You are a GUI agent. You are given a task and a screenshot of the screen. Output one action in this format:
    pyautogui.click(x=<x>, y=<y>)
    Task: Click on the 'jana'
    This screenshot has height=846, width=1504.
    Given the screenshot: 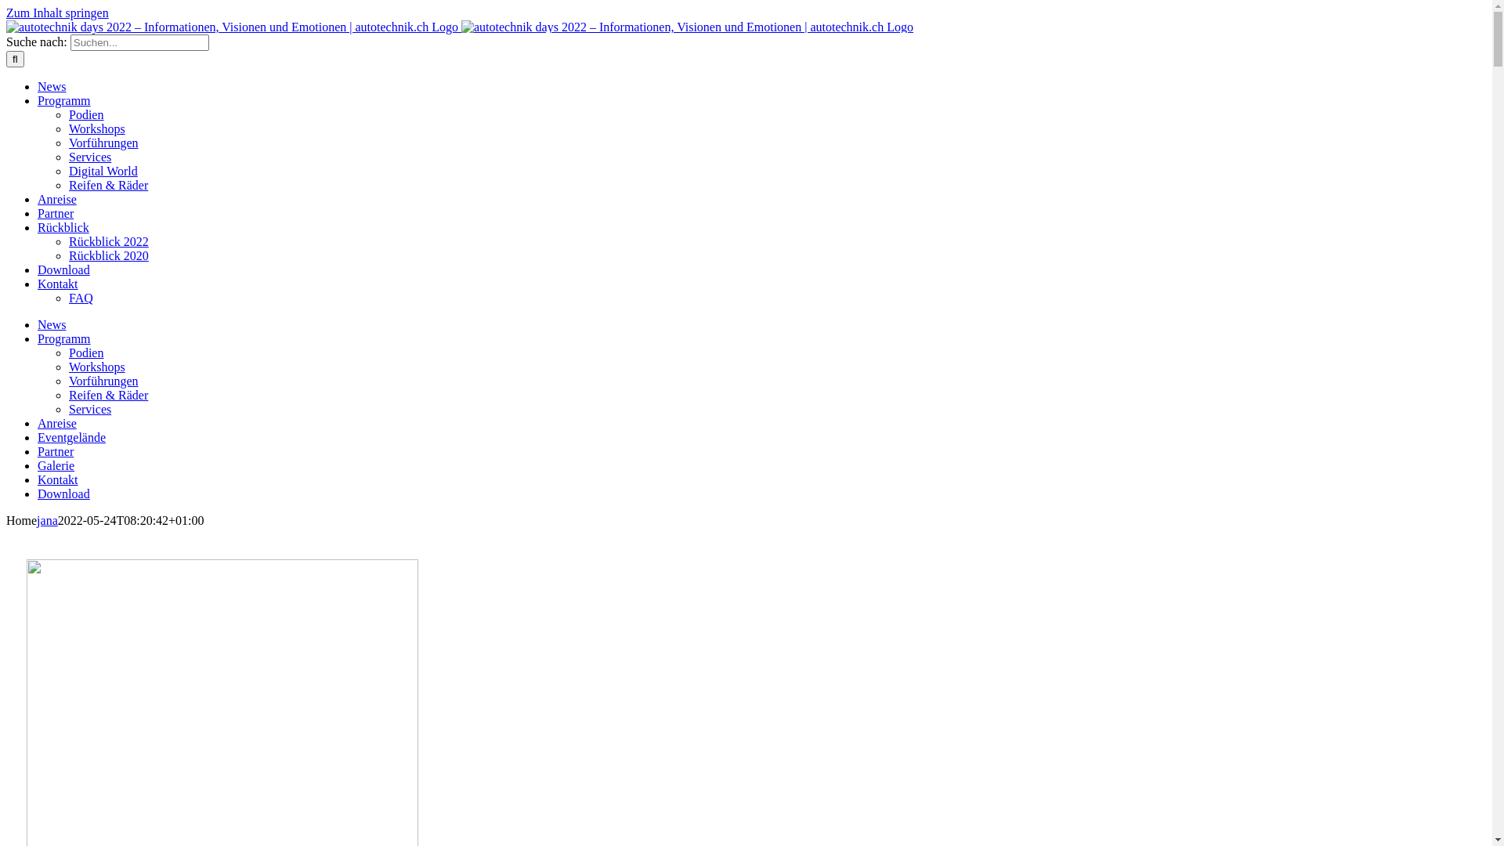 What is the action you would take?
    pyautogui.click(x=47, y=520)
    